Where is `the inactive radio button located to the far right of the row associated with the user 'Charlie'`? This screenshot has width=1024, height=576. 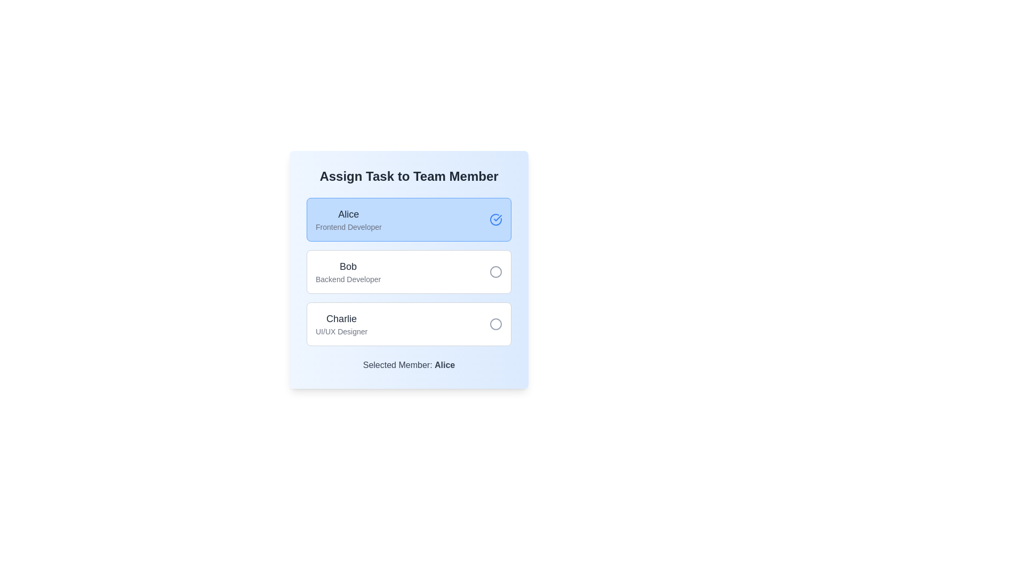 the inactive radio button located to the far right of the row associated with the user 'Charlie' is located at coordinates (495, 324).